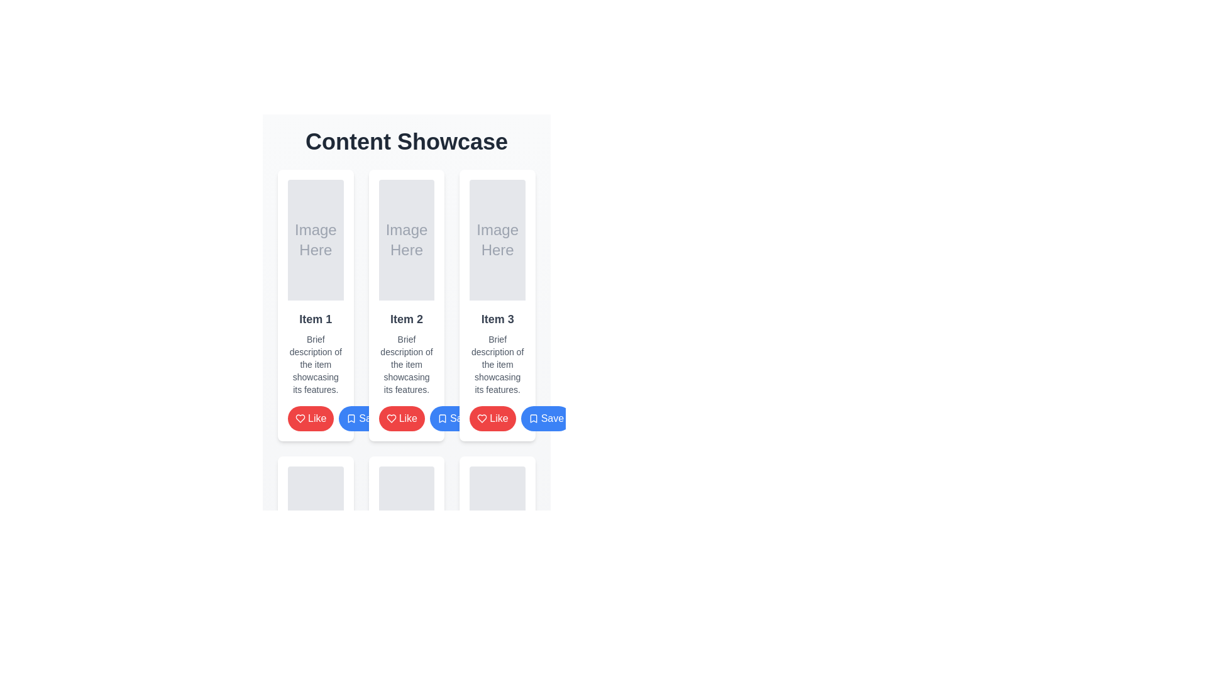 The image size is (1207, 679). What do you see at coordinates (546, 419) in the screenshot?
I see `the 'Save' button, which is a rounded button with a blue background and white text, located in the third card under the 'Content Showcase' section` at bounding box center [546, 419].